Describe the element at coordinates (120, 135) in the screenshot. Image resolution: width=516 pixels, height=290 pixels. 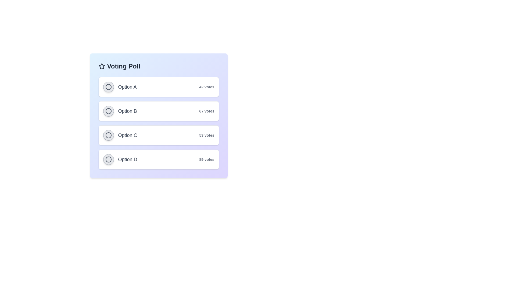
I see `the radio button for 'Option C'` at that location.